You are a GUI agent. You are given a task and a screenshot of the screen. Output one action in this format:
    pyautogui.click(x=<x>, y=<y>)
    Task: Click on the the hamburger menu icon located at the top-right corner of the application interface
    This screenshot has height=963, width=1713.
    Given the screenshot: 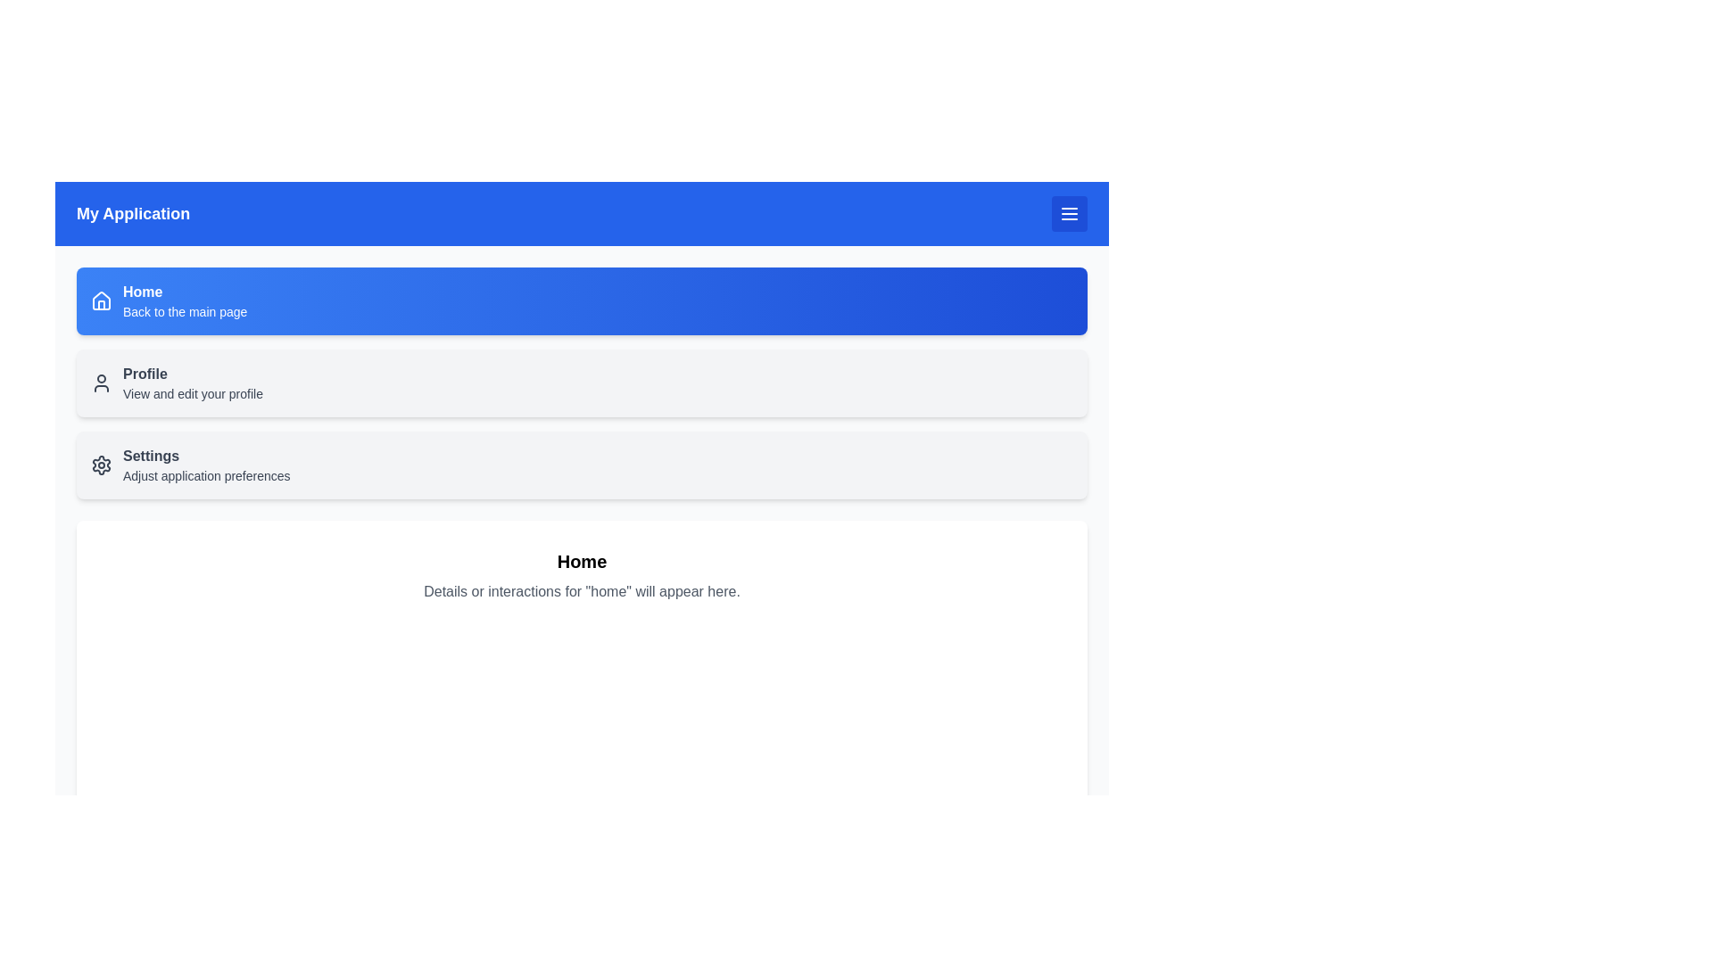 What is the action you would take?
    pyautogui.click(x=1070, y=212)
    